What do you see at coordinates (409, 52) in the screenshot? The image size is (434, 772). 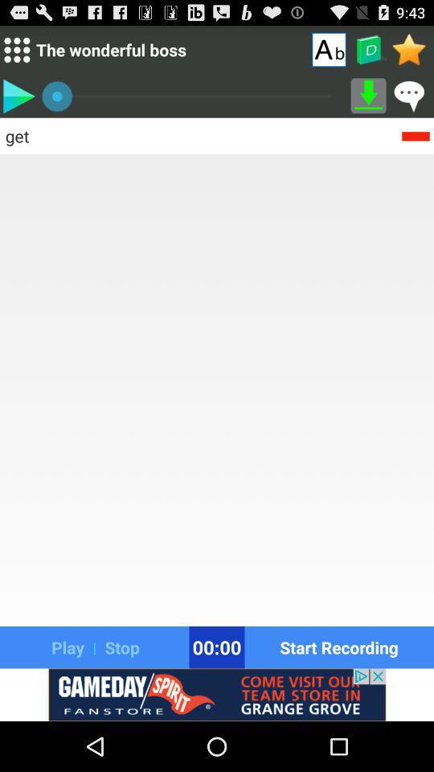 I see `the star icon` at bounding box center [409, 52].